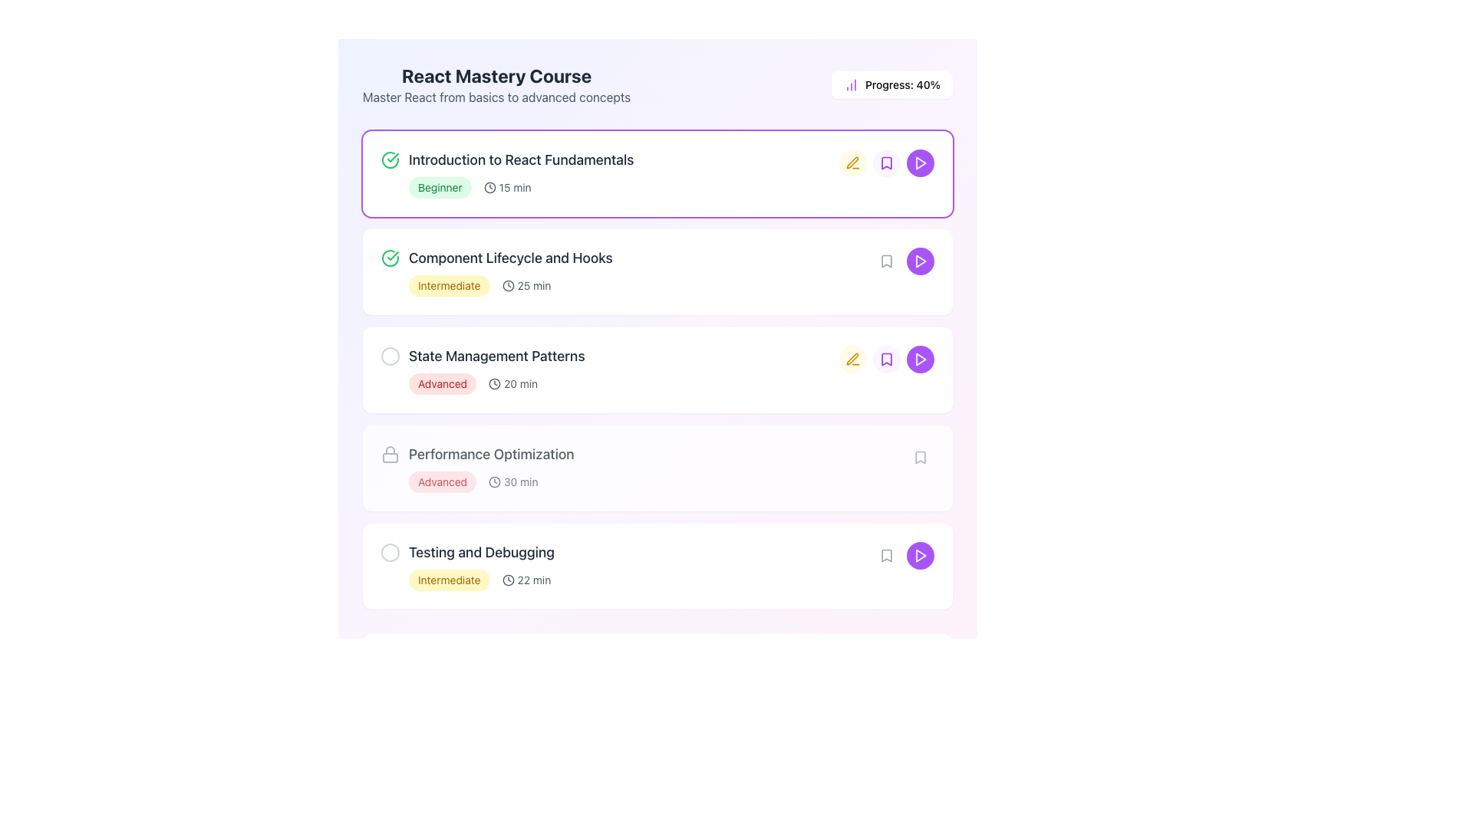 Image resolution: width=1473 pixels, height=828 pixels. Describe the element at coordinates (852, 163) in the screenshot. I see `the 'edit' icon button located in the top-right corner of the 'Introduction to React Fundamentals' course card` at that location.